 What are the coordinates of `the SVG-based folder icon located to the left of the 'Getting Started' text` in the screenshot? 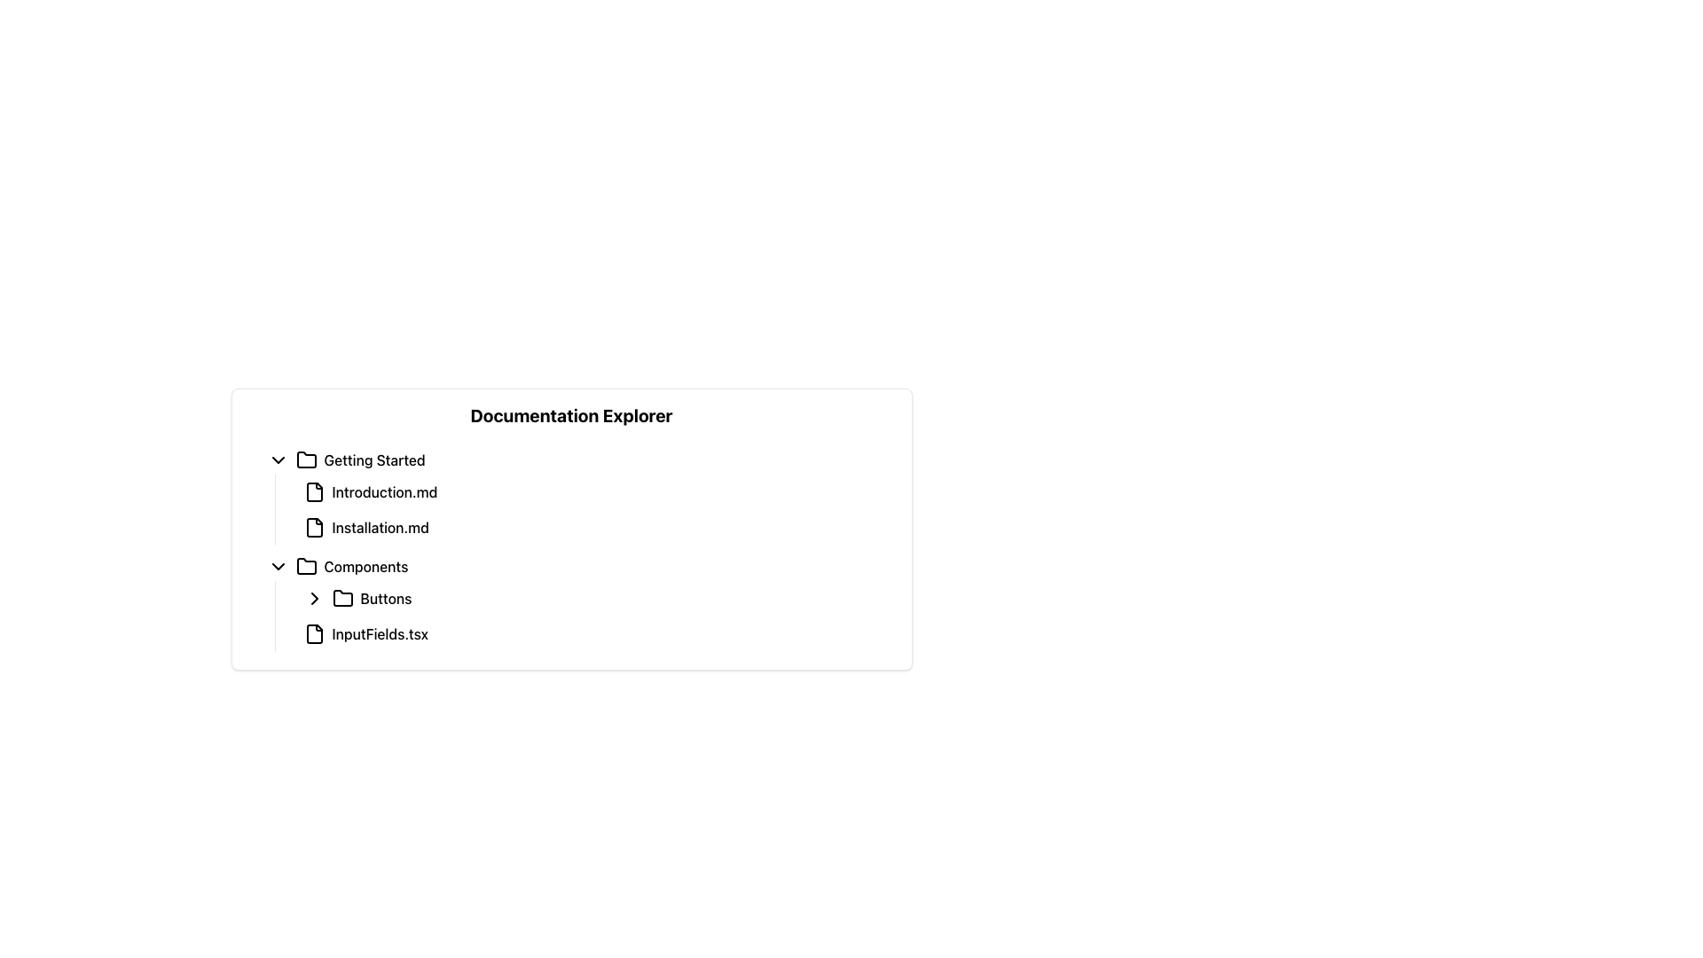 It's located at (306, 459).